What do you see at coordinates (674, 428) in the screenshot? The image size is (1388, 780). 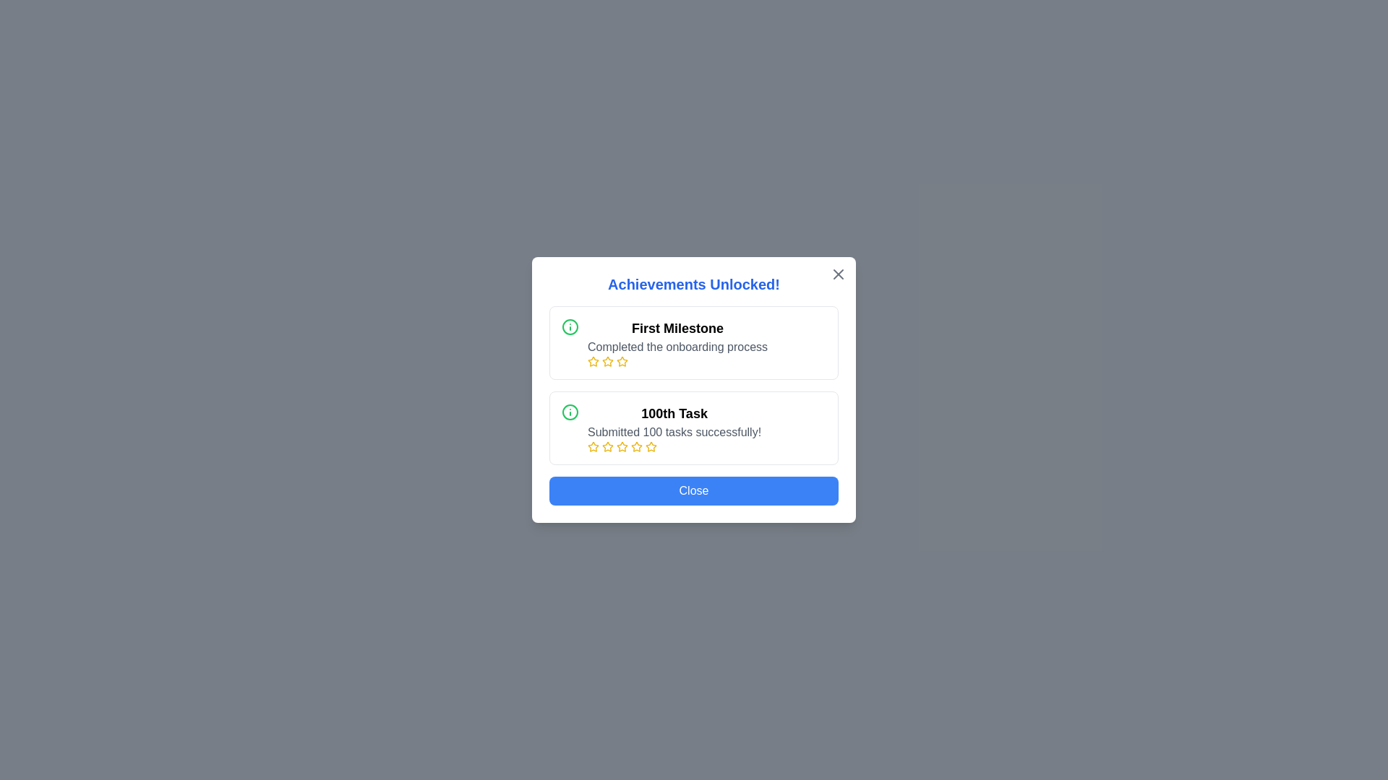 I see `the yellow star icons associated with the '100th Task' text block located in the achievements section of the interface` at bounding box center [674, 428].